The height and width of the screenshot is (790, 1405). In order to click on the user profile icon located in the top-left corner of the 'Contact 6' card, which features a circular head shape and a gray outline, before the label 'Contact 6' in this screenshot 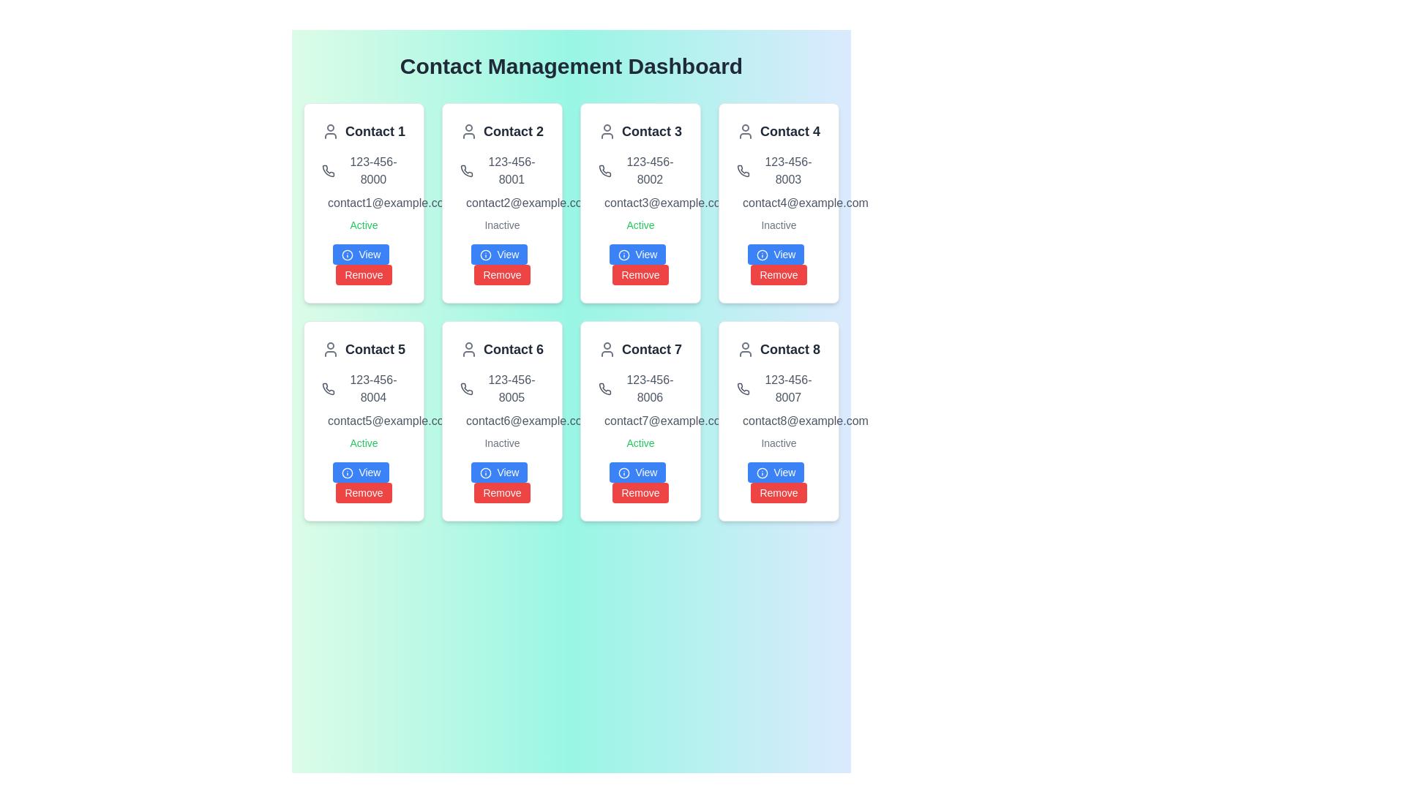, I will do `click(469, 350)`.